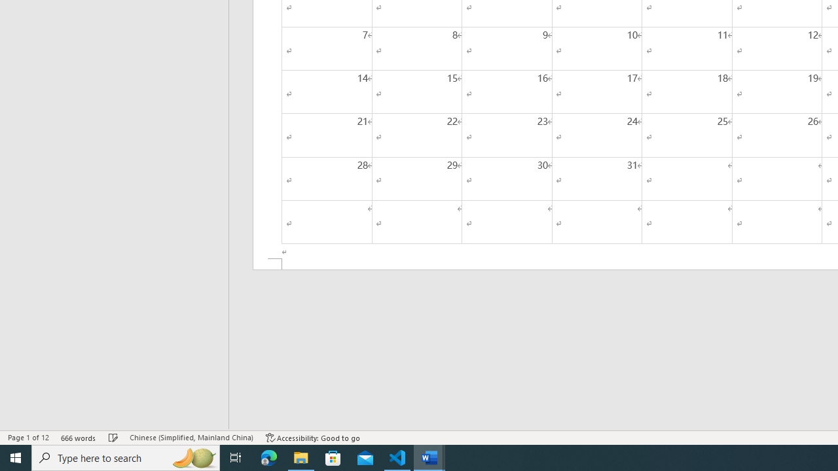 Image resolution: width=838 pixels, height=471 pixels. Describe the element at coordinates (28, 438) in the screenshot. I see `'Page Number Page 1 of 12'` at that location.